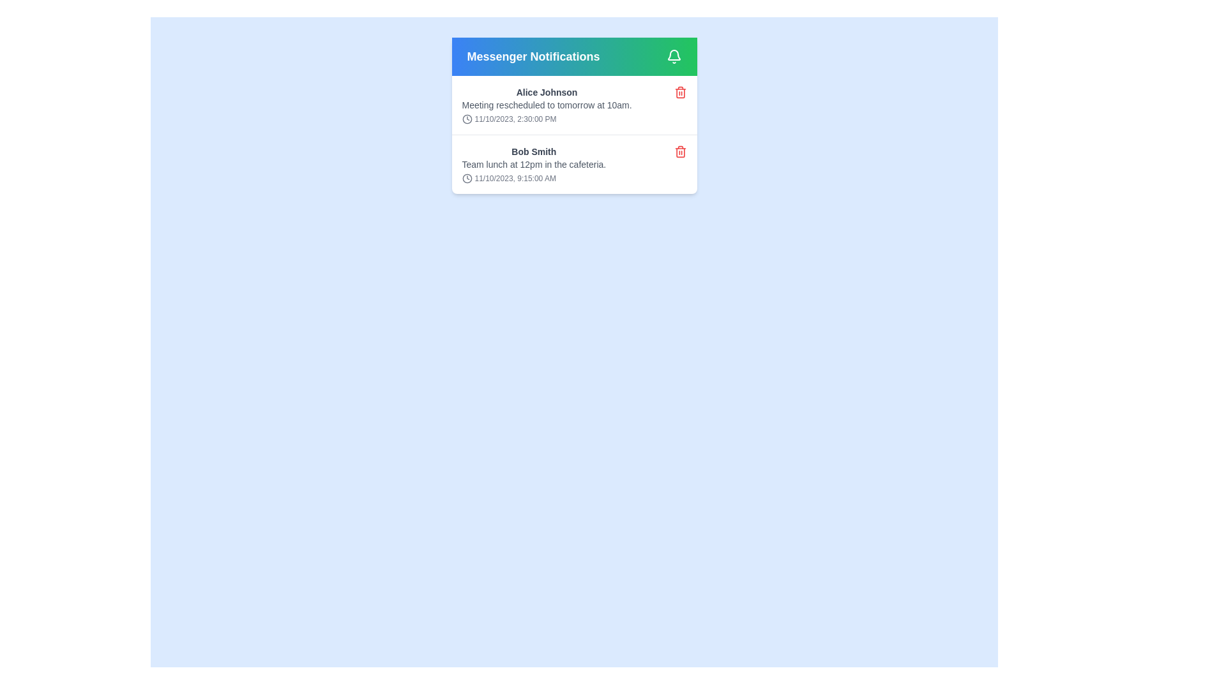  What do you see at coordinates (673, 56) in the screenshot?
I see `the outlined bell icon located at the far right of the header bar in the 'Messenger Notifications' area` at bounding box center [673, 56].